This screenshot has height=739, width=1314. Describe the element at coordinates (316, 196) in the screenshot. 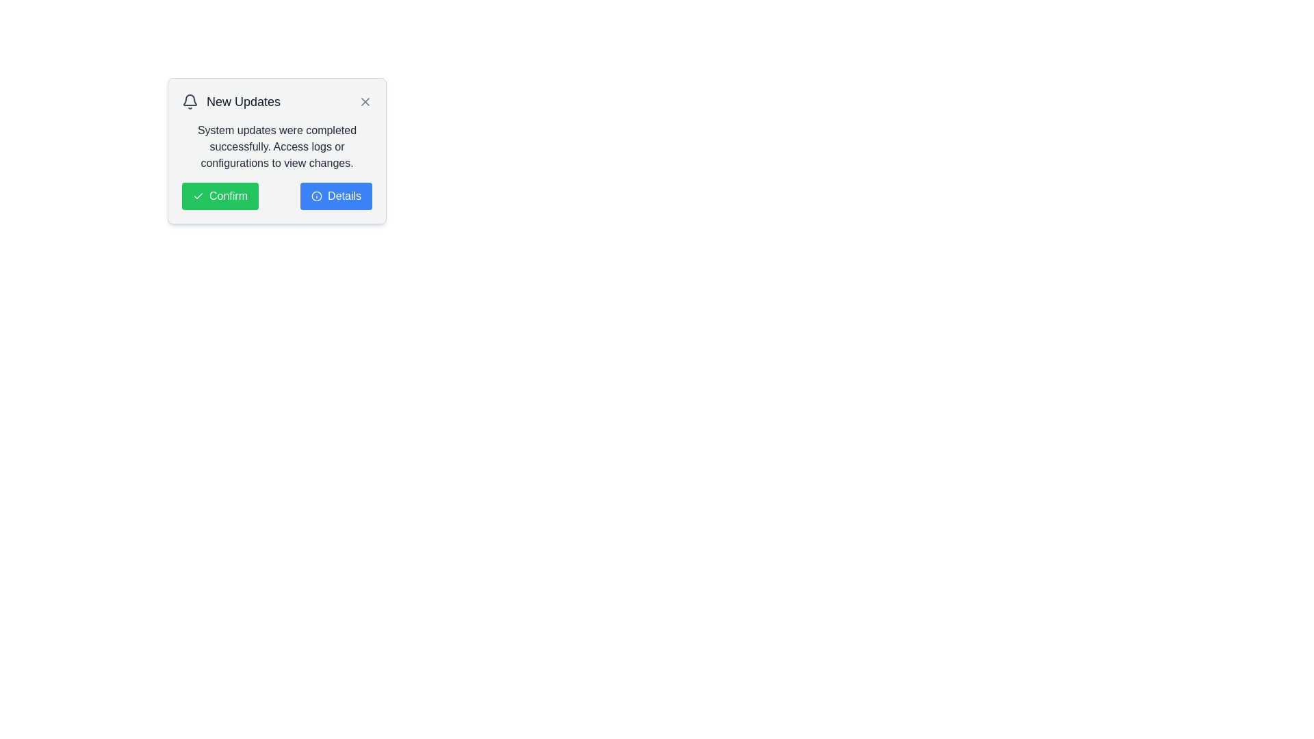

I see `the circular blue icon with an info symbol at the center of the 'Details' button` at that location.